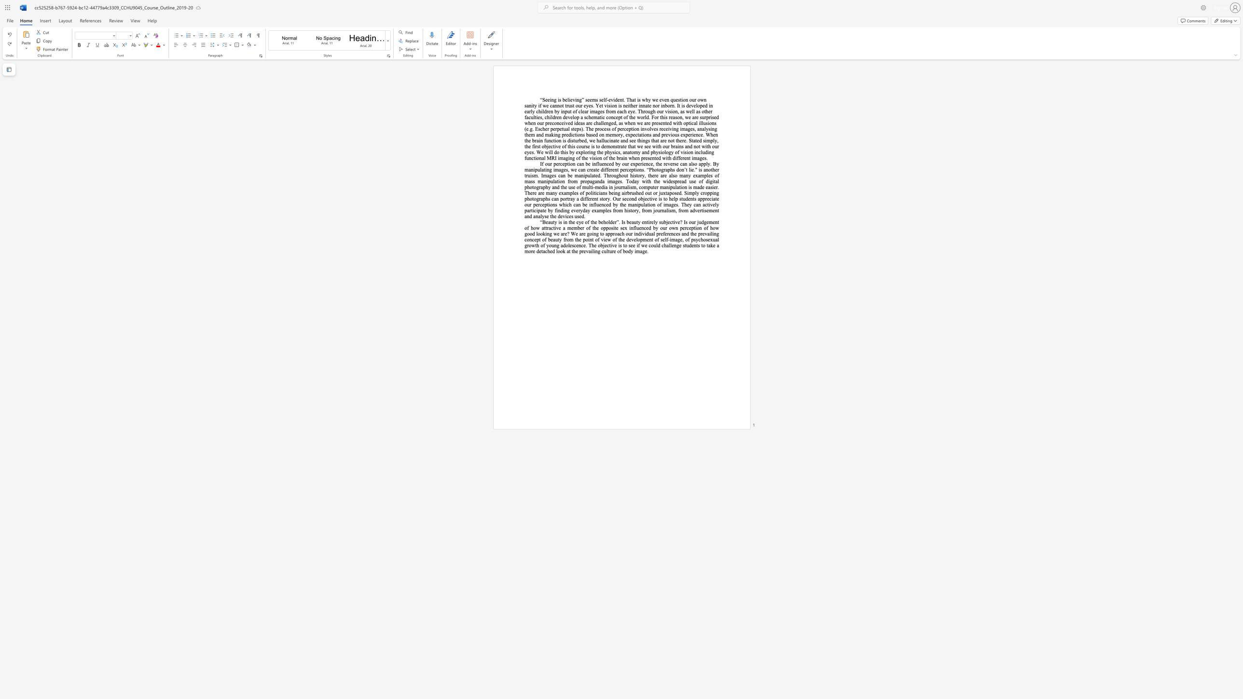 The width and height of the screenshot is (1243, 699). What do you see at coordinates (630, 134) in the screenshot?
I see `the subset text "pectations and previous experience. When the brain function is disturbed, we hallucinate and see things that are not there. Stated simply, the first objective of this course is to demonstrate that we see wit" within the text "involves receiving images, analysing them and making predictions based on memory, expectations and previous experience. When the brain function is disturbed, we hallucinate and see things that are not there. Stated simply, the first objective of this course is to demonstrate that we see with our brains and not with our eyes. We will do this by exploring the physics, anatomy and physiology of vision including functional MRI imaging of the vision of the brain when presented with different images."` at bounding box center [630, 134].